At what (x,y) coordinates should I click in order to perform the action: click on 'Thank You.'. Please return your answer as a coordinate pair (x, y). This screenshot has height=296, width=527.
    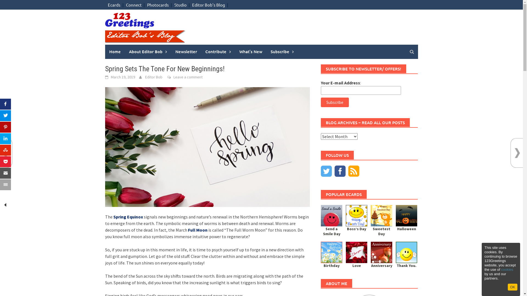
    Looking at the image, I should click on (407, 265).